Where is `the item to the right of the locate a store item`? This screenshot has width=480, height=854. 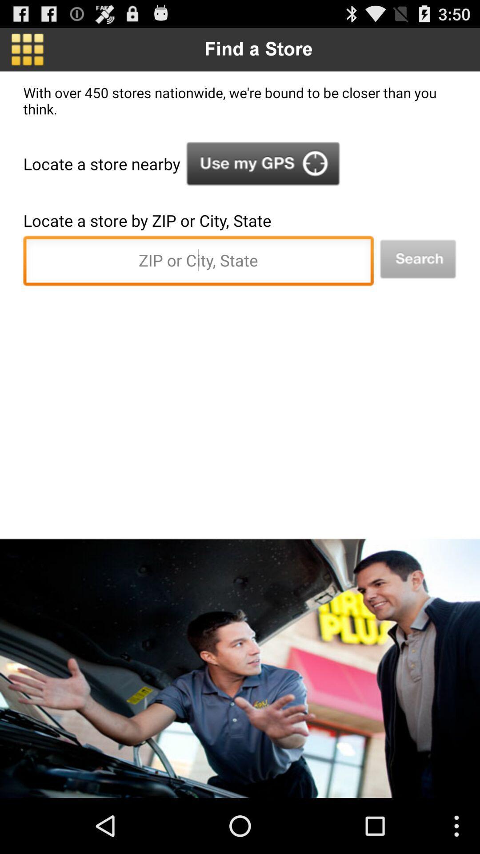
the item to the right of the locate a store item is located at coordinates (263, 164).